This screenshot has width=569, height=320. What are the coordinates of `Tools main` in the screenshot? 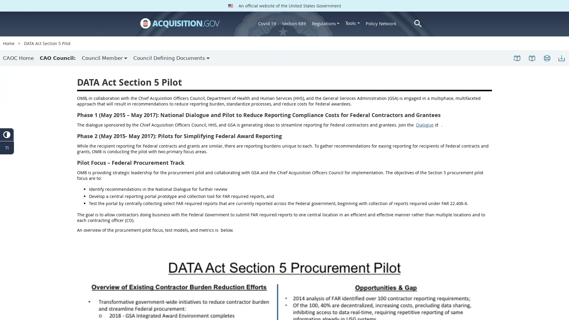 It's located at (352, 23).